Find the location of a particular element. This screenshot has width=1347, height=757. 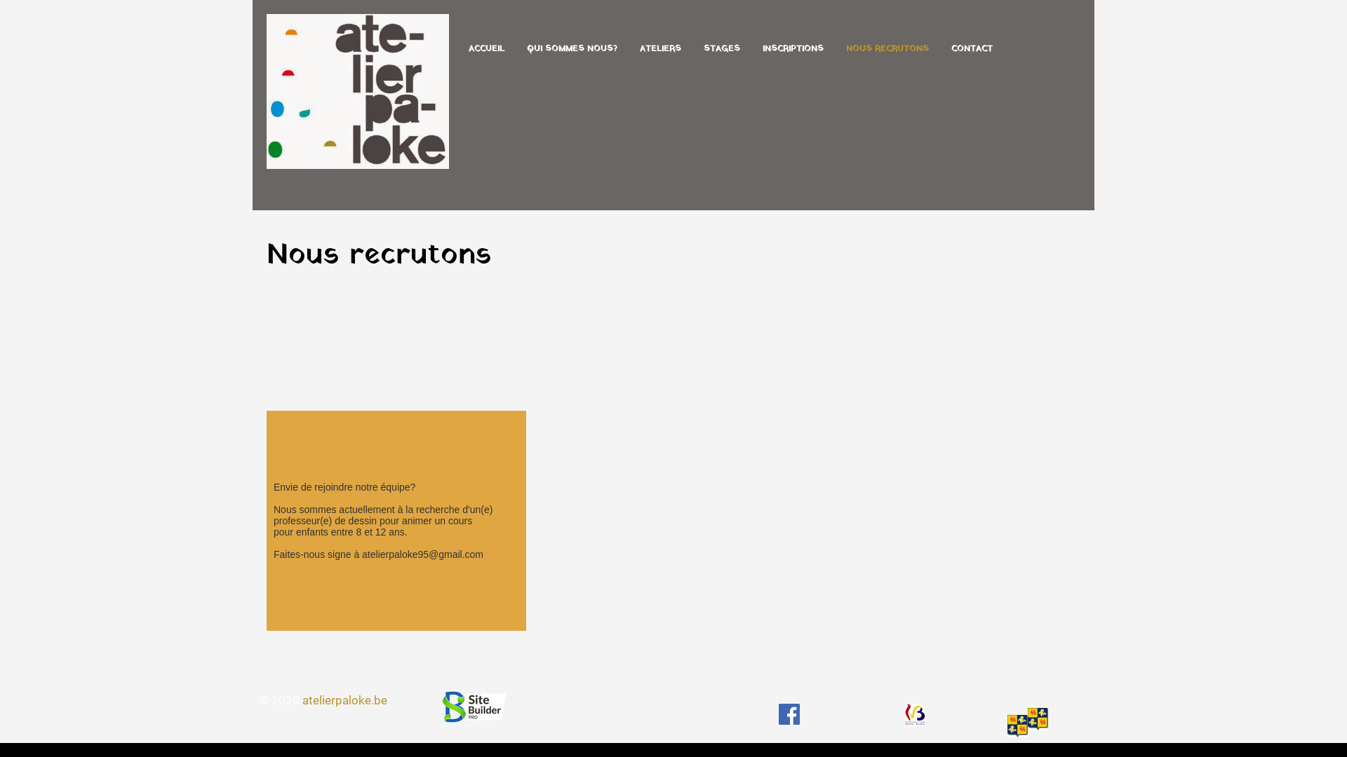

'atelierpaloke.be' is located at coordinates (344, 700).